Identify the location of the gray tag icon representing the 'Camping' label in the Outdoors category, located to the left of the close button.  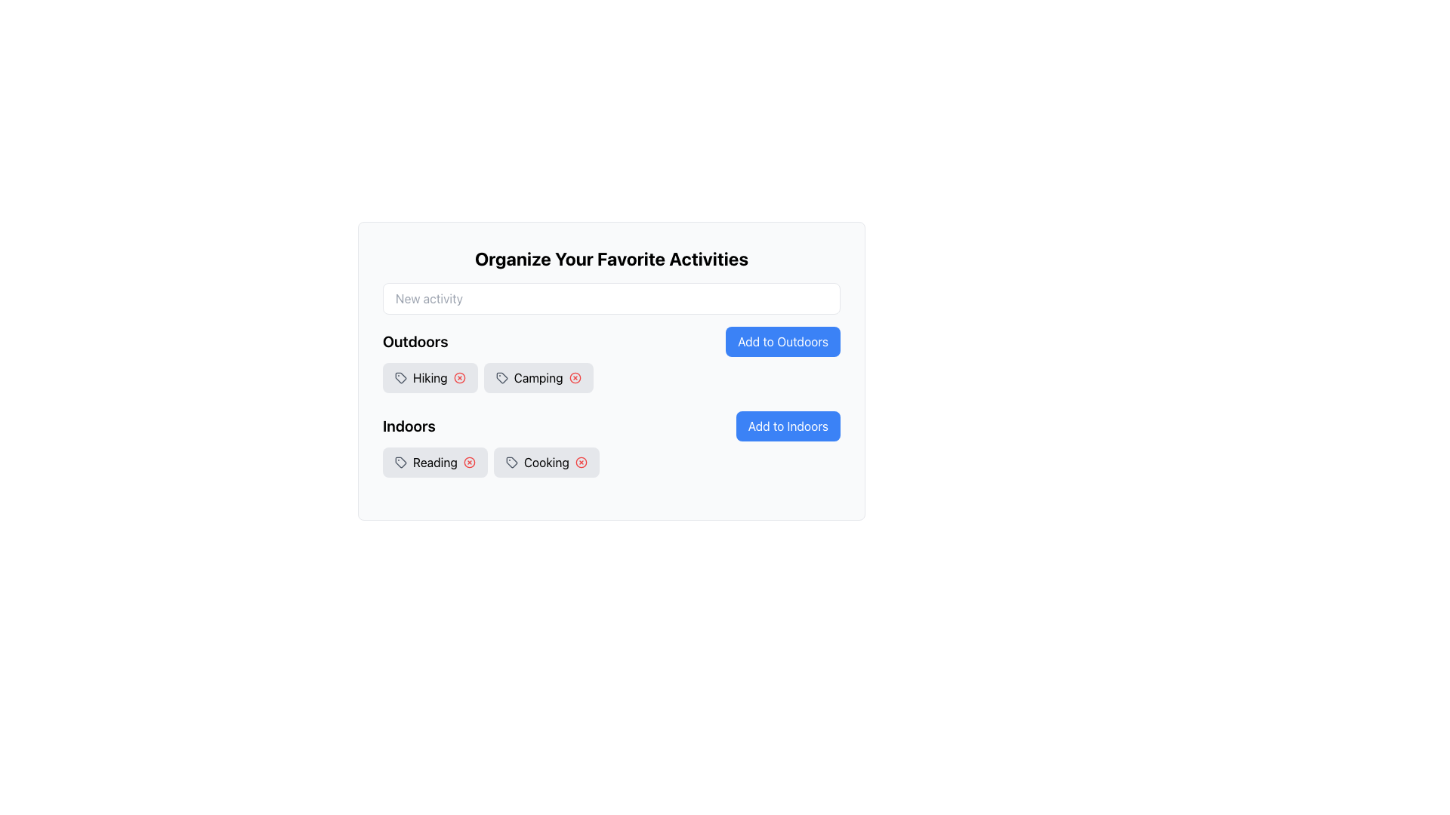
(501, 377).